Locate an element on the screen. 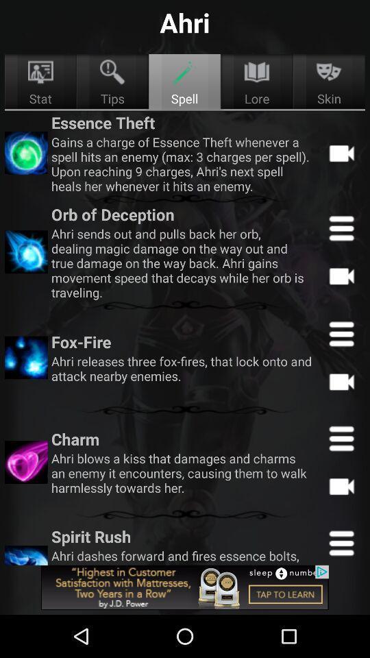 The width and height of the screenshot is (370, 658). video player is located at coordinates (341, 381).